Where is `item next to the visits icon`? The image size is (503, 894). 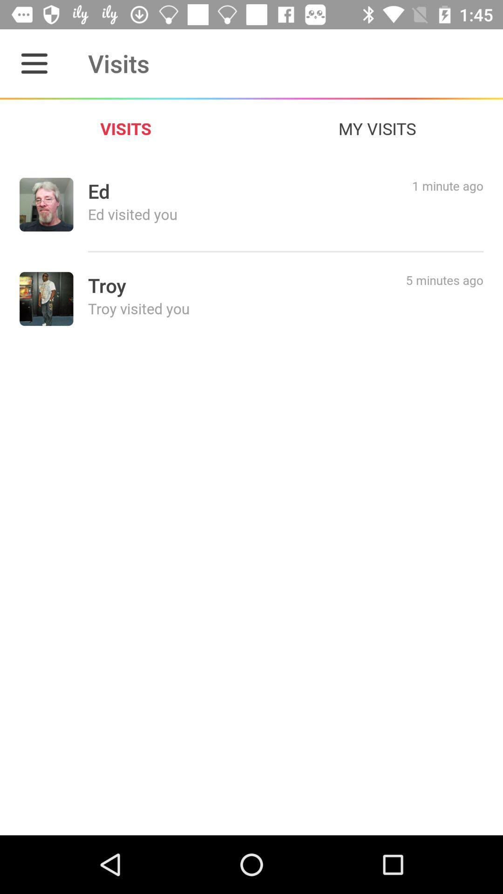 item next to the visits icon is located at coordinates (377, 128).